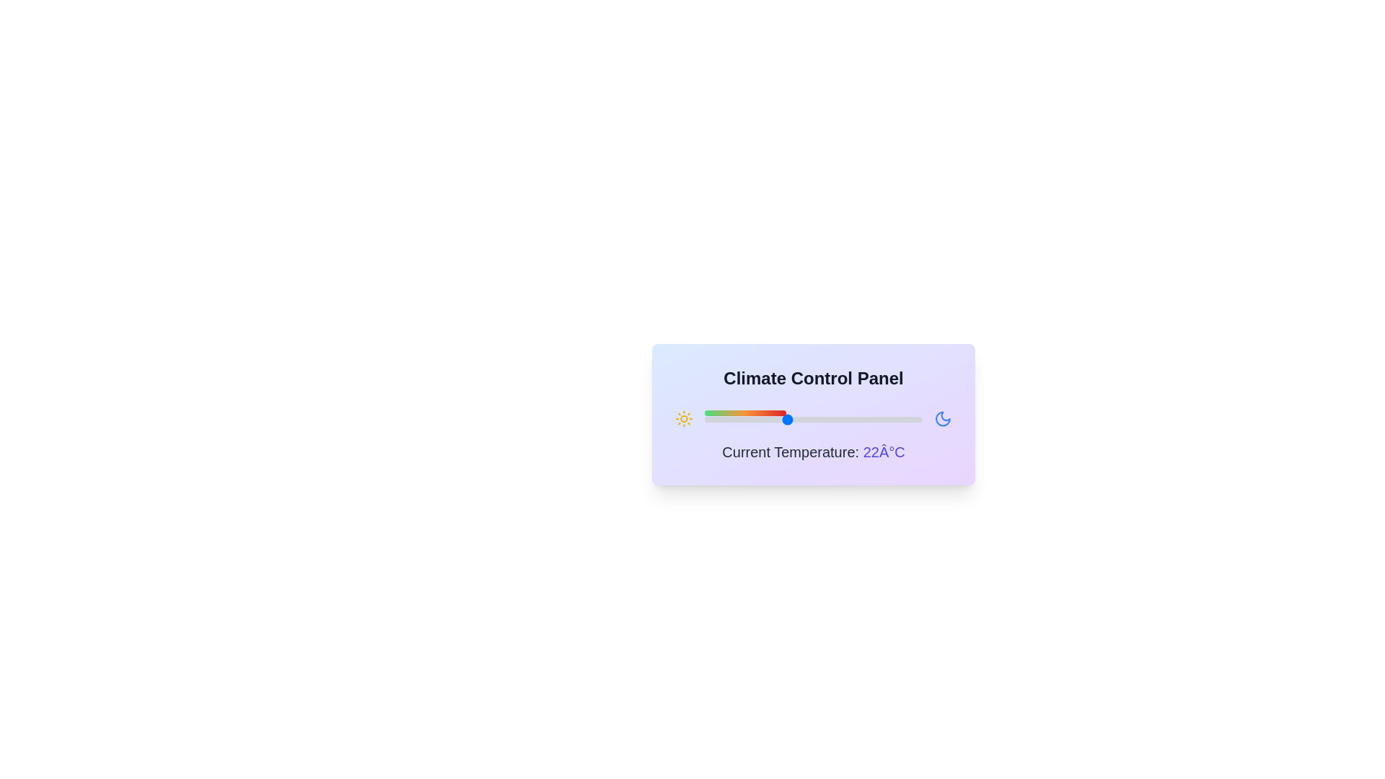 The width and height of the screenshot is (1385, 779). Describe the element at coordinates (814, 452) in the screenshot. I see `displayed temperature value from the text label showing 'Current Temperature: 22°C' in the Climate Control Panel interface` at that location.